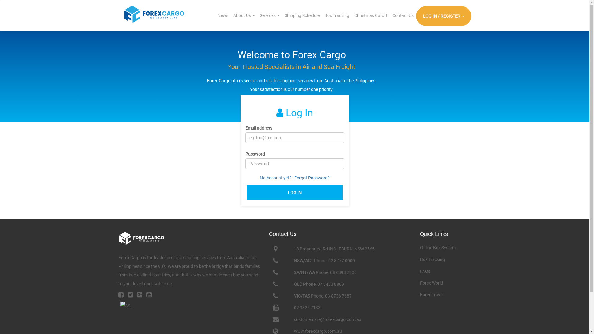 This screenshot has width=594, height=334. Describe the element at coordinates (243, 15) in the screenshot. I see `'About Us'` at that location.